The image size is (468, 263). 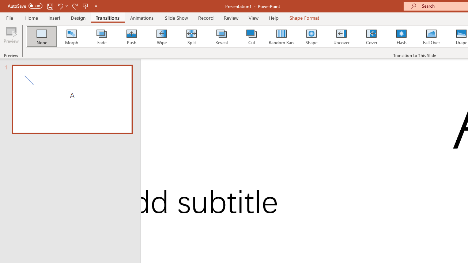 I want to click on 'Cover', so click(x=371, y=37).